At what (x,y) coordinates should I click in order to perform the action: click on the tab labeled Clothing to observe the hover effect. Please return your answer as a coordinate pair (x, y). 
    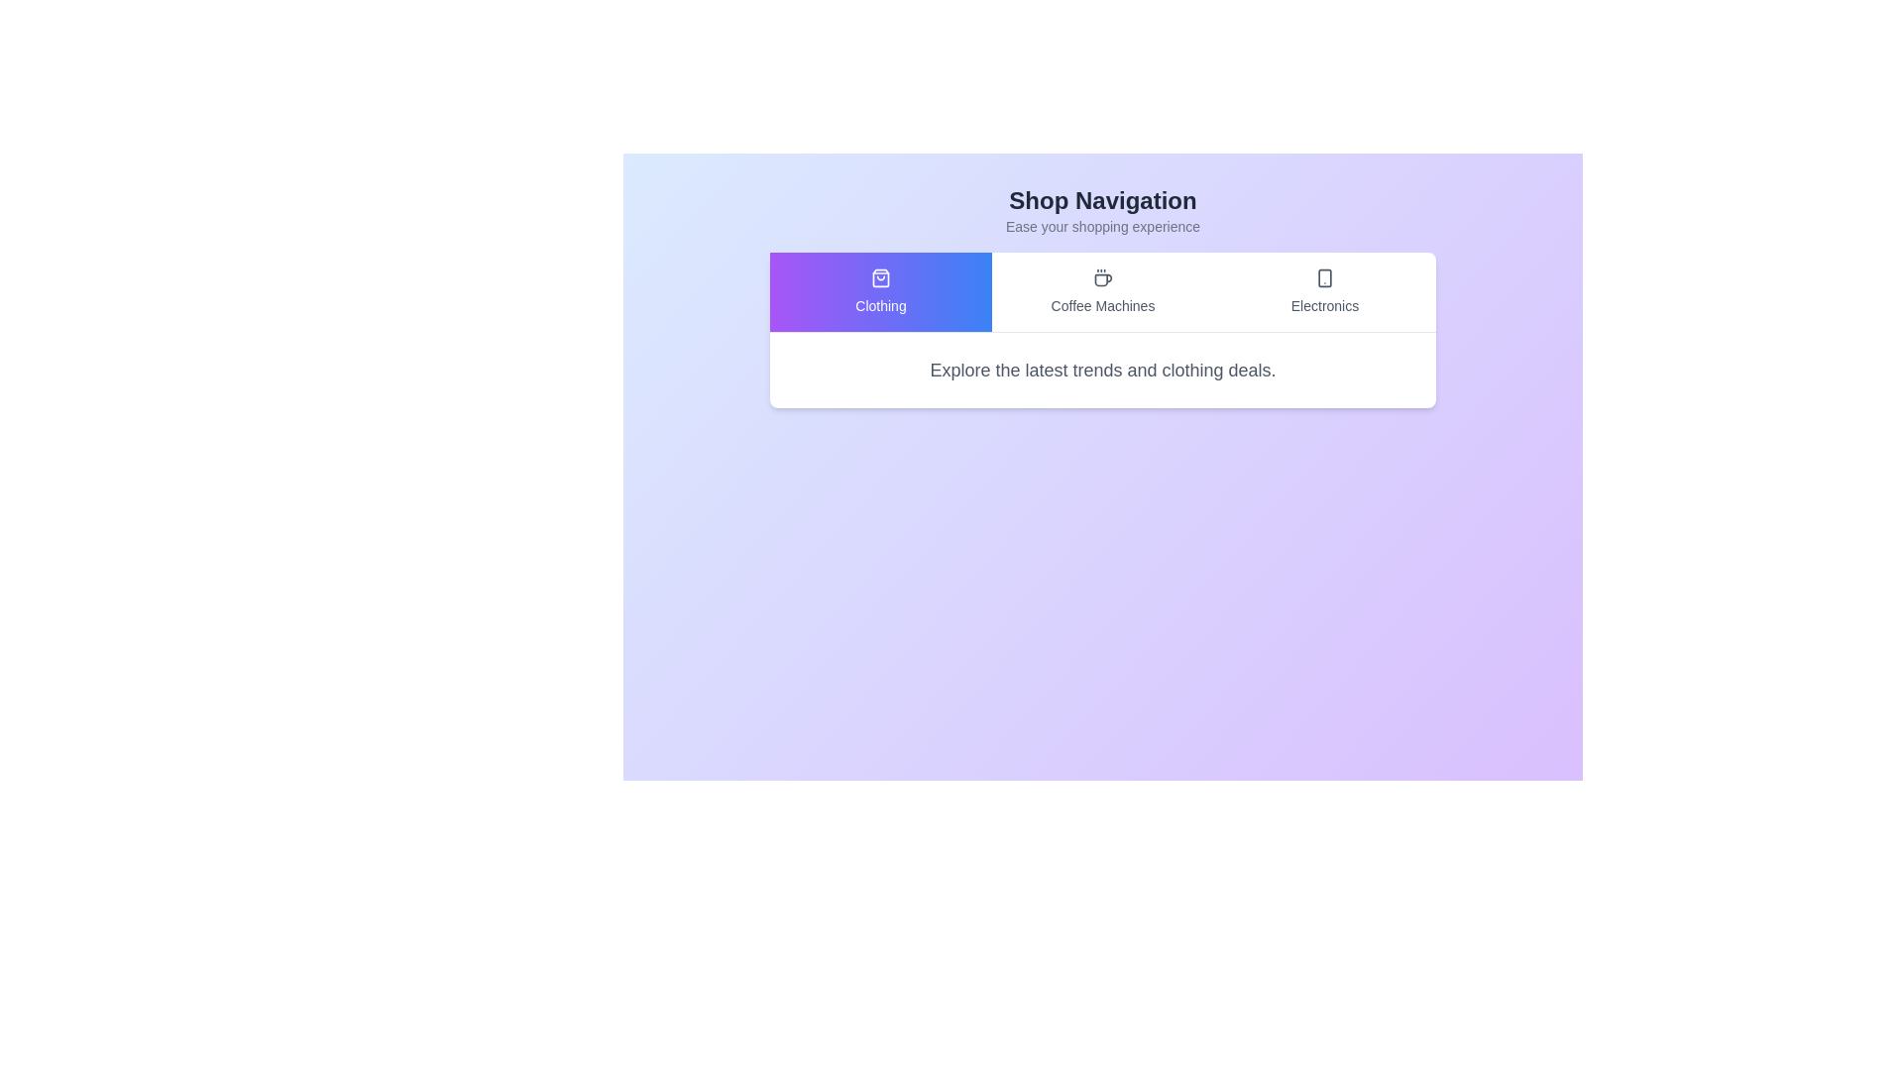
    Looking at the image, I should click on (879, 291).